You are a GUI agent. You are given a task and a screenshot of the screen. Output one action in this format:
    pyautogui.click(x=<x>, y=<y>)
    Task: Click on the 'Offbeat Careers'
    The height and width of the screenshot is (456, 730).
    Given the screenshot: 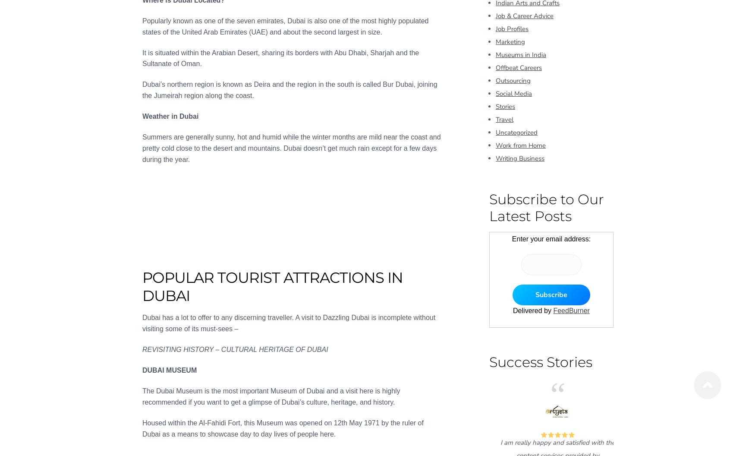 What is the action you would take?
    pyautogui.click(x=519, y=67)
    